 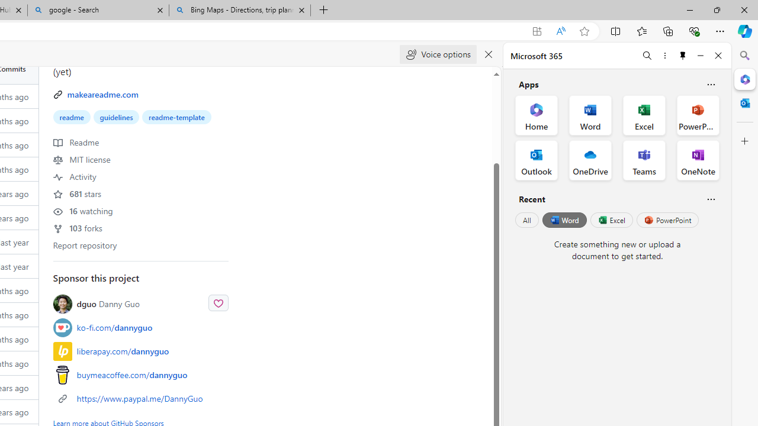 What do you see at coordinates (81, 159) in the screenshot?
I see `' MIT license'` at bounding box center [81, 159].